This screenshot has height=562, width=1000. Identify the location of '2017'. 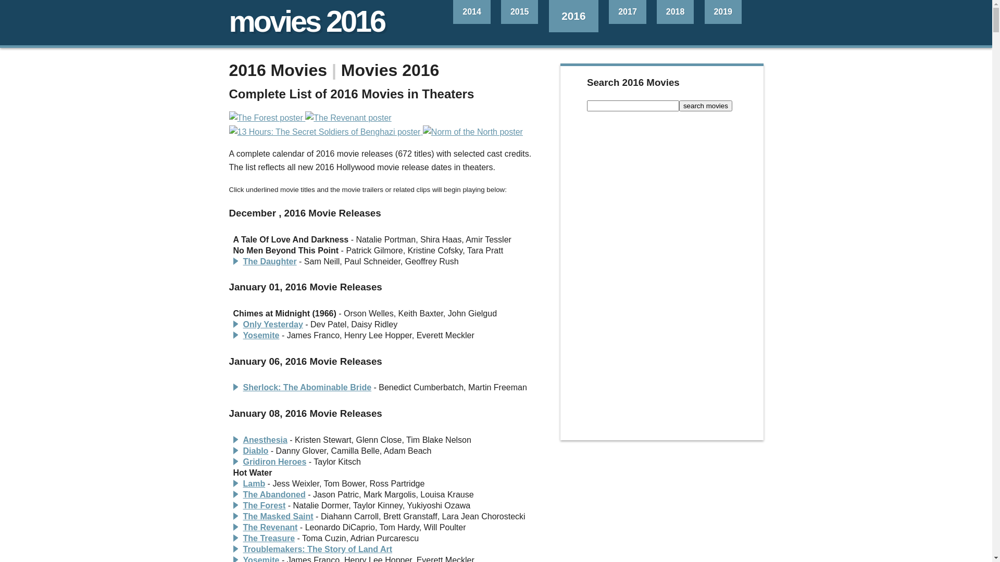
(627, 12).